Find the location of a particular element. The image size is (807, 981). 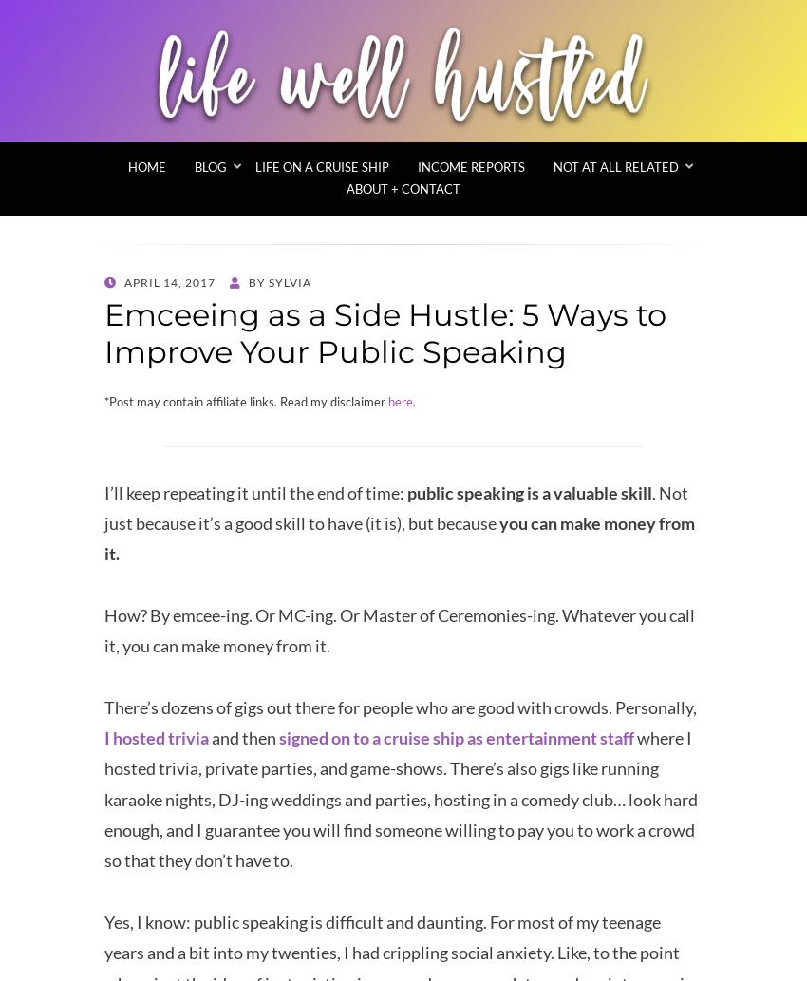

'April 14, 2017' is located at coordinates (169, 280).